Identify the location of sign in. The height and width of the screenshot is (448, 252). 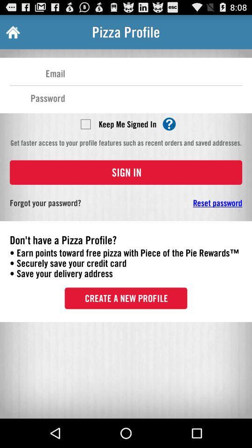
(126, 172).